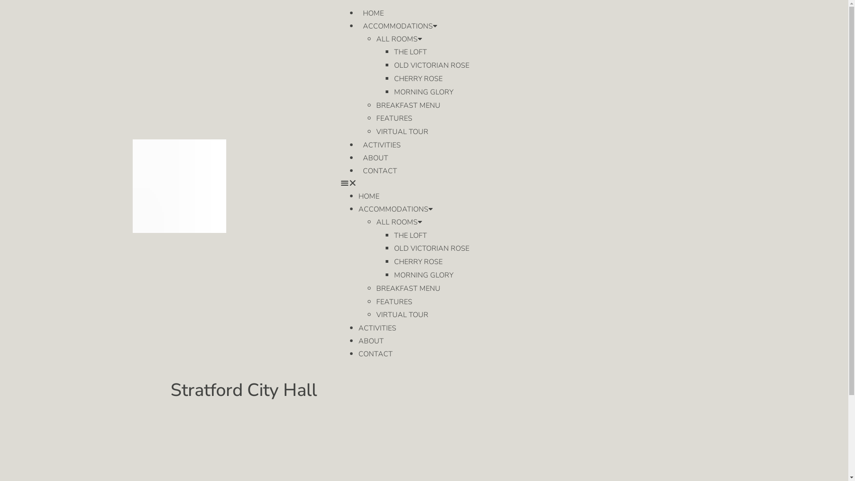  Describe the element at coordinates (358, 25) in the screenshot. I see `'ACCOMMODATIONS'` at that location.